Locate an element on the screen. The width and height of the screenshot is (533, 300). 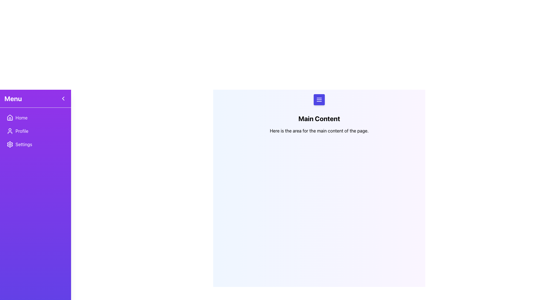
the 'Home' text label, which is styled with white font on a purple background and located next to a house icon in the vertical side menu panel is located at coordinates (21, 117).